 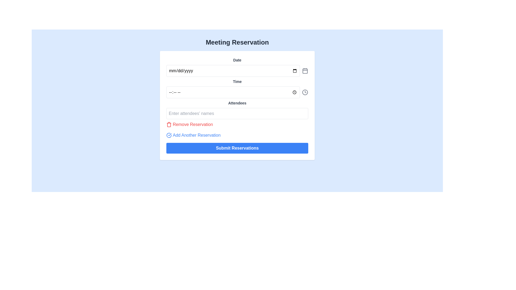 What do you see at coordinates (237, 60) in the screenshot?
I see `the text label that reads 'Date', which is bold and small-sized in dark gray color, located at the top of a form-like card layout above the date picker input field` at bounding box center [237, 60].